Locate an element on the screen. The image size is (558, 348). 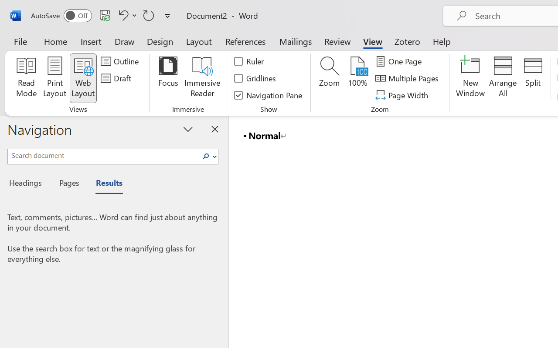
'One Page' is located at coordinates (399, 61).